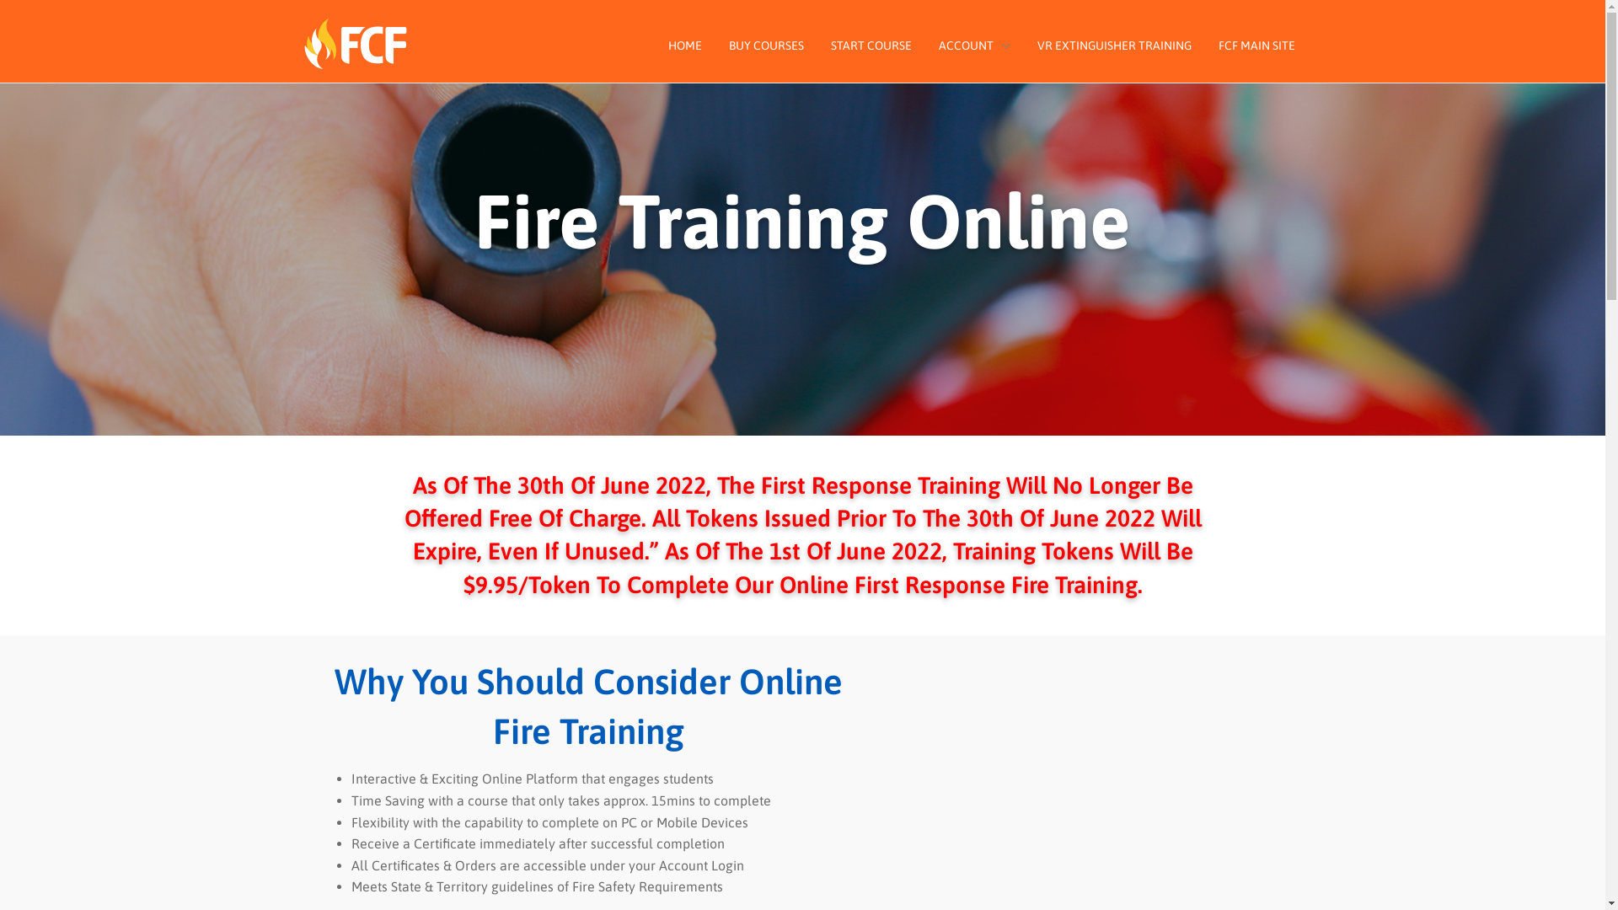  I want to click on 'BUY COURSES', so click(764, 44).